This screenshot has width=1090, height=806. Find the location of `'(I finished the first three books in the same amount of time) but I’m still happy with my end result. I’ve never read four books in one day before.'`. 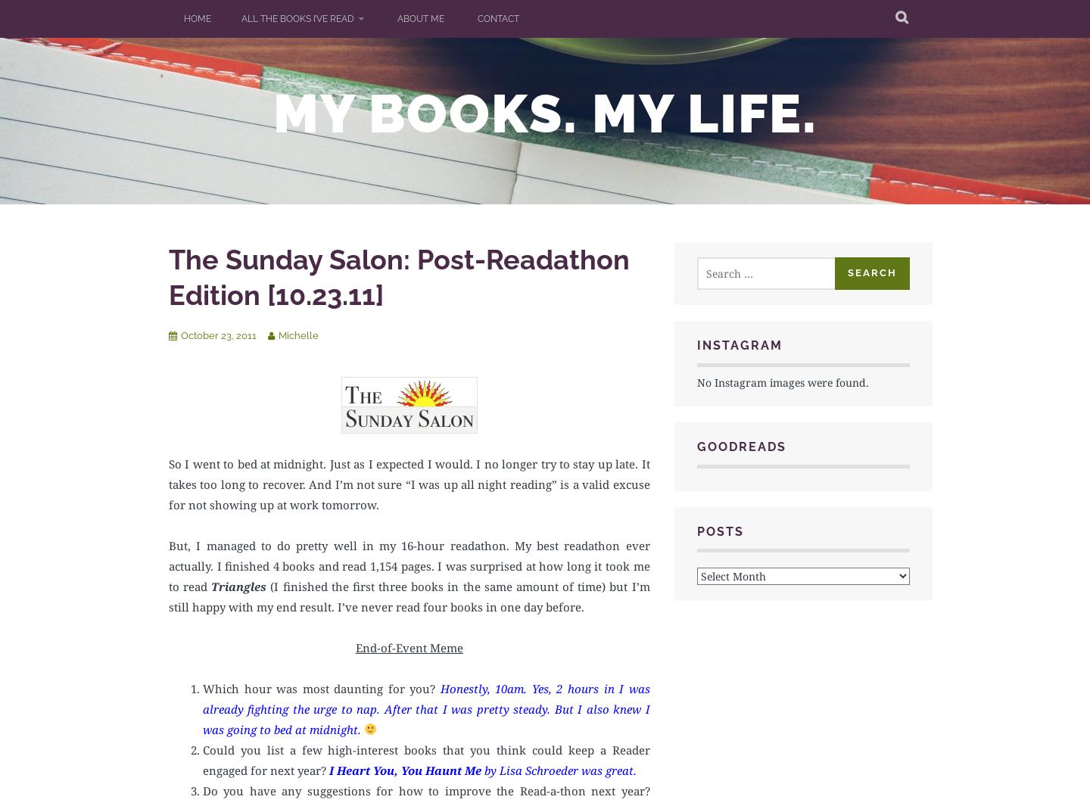

'(I finished the first three books in the same amount of time) but I’m still happy with my end result. I’ve never read four books in one day before.' is located at coordinates (408, 596).